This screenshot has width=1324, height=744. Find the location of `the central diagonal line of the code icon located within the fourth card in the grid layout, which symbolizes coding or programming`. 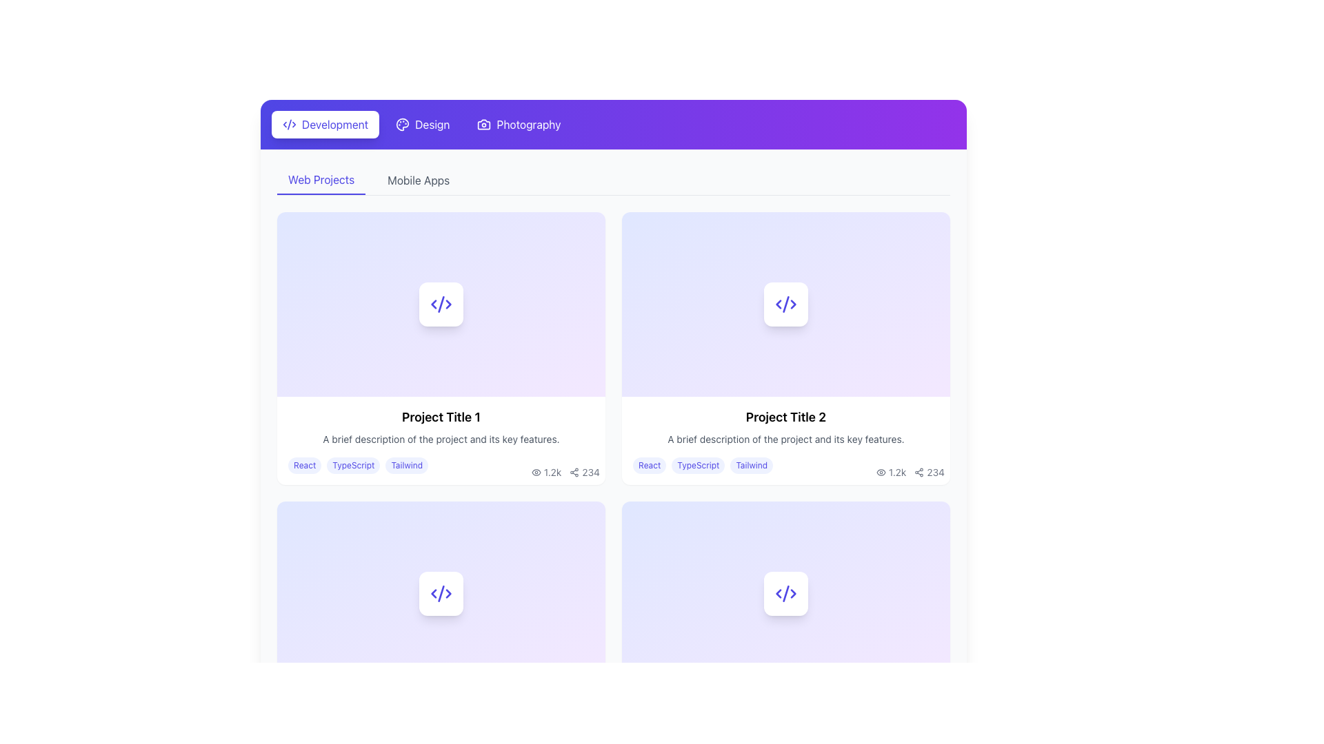

the central diagonal line of the code icon located within the fourth card in the grid layout, which symbolizes coding or programming is located at coordinates (440, 592).